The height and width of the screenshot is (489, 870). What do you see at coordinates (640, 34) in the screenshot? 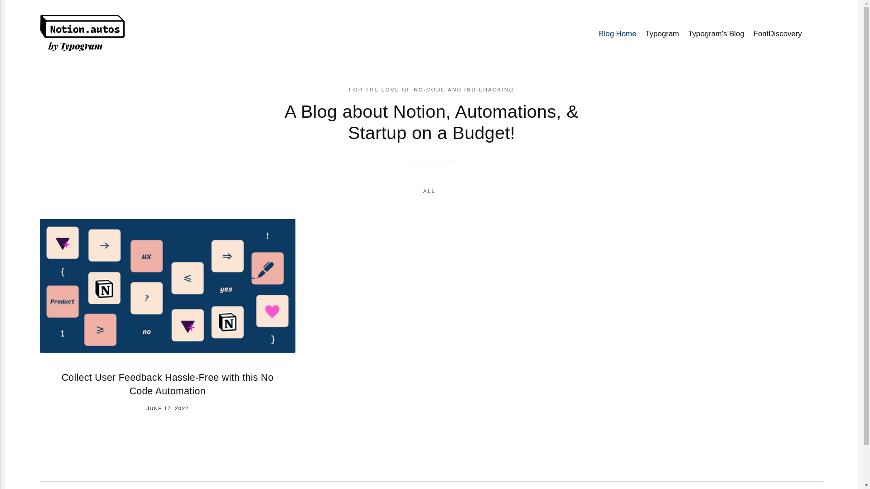
I see `'Typogram'` at bounding box center [640, 34].